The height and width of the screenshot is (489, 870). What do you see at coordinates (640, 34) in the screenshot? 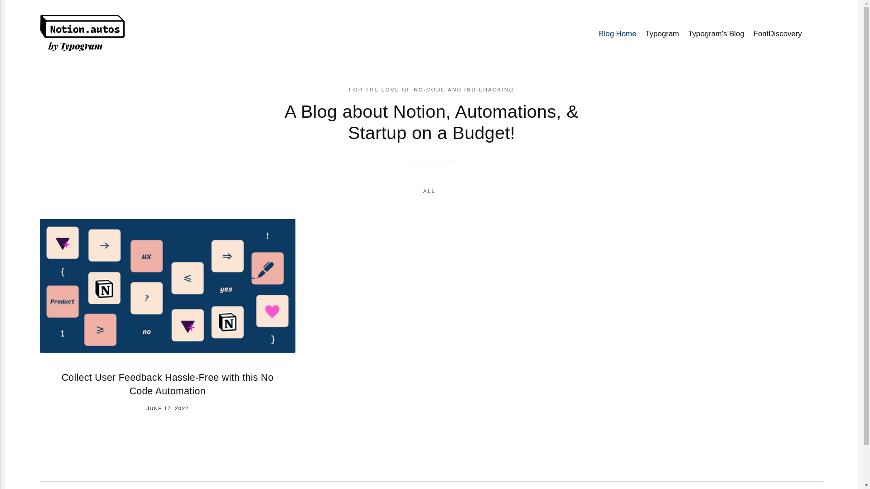
I see `'Typogram'` at bounding box center [640, 34].